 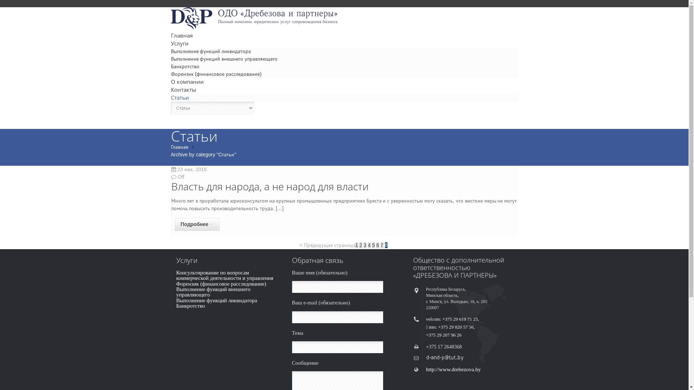 I want to click on '4', so click(x=369, y=244).